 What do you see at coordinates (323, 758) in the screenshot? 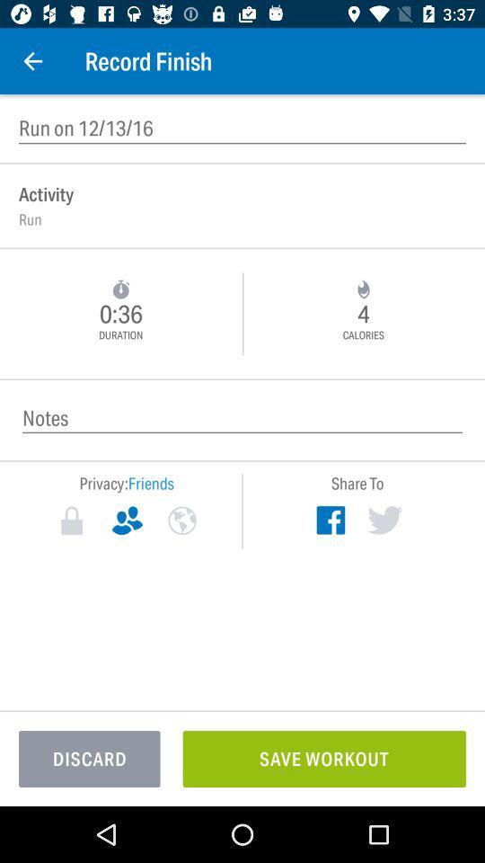
I see `the item to the right of discard icon` at bounding box center [323, 758].